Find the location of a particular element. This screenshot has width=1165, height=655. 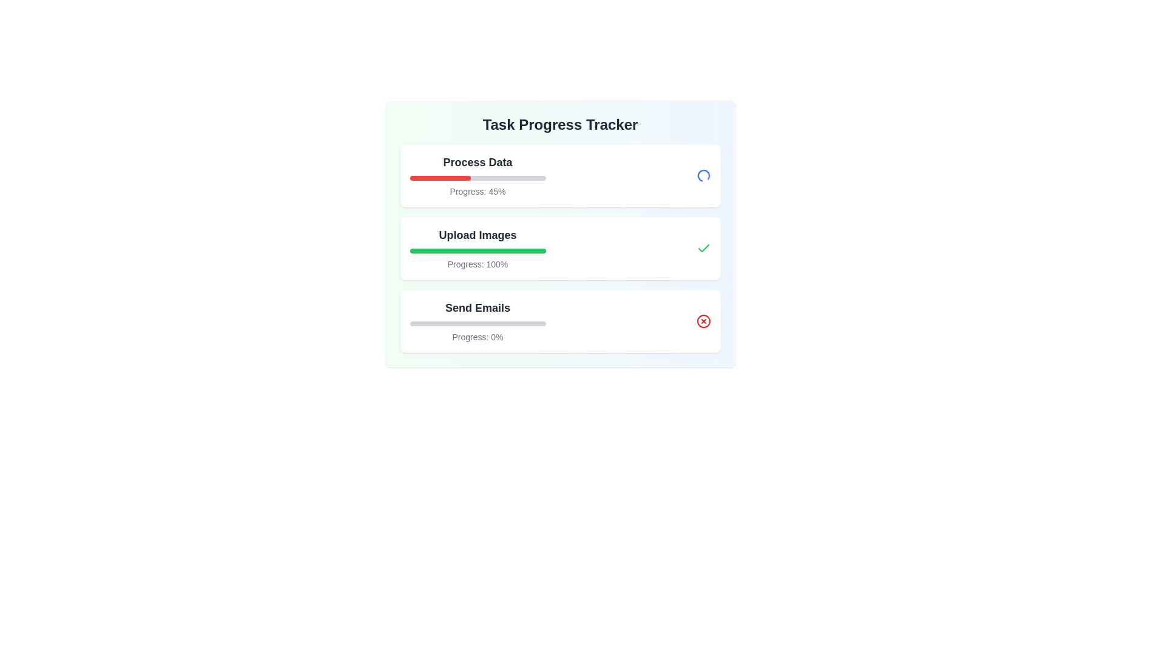

the horizontal progress bar styled with a green fill indicating completion, located below the header 'Upload Images' and above the status text 'Progress: 100%' is located at coordinates (477, 250).